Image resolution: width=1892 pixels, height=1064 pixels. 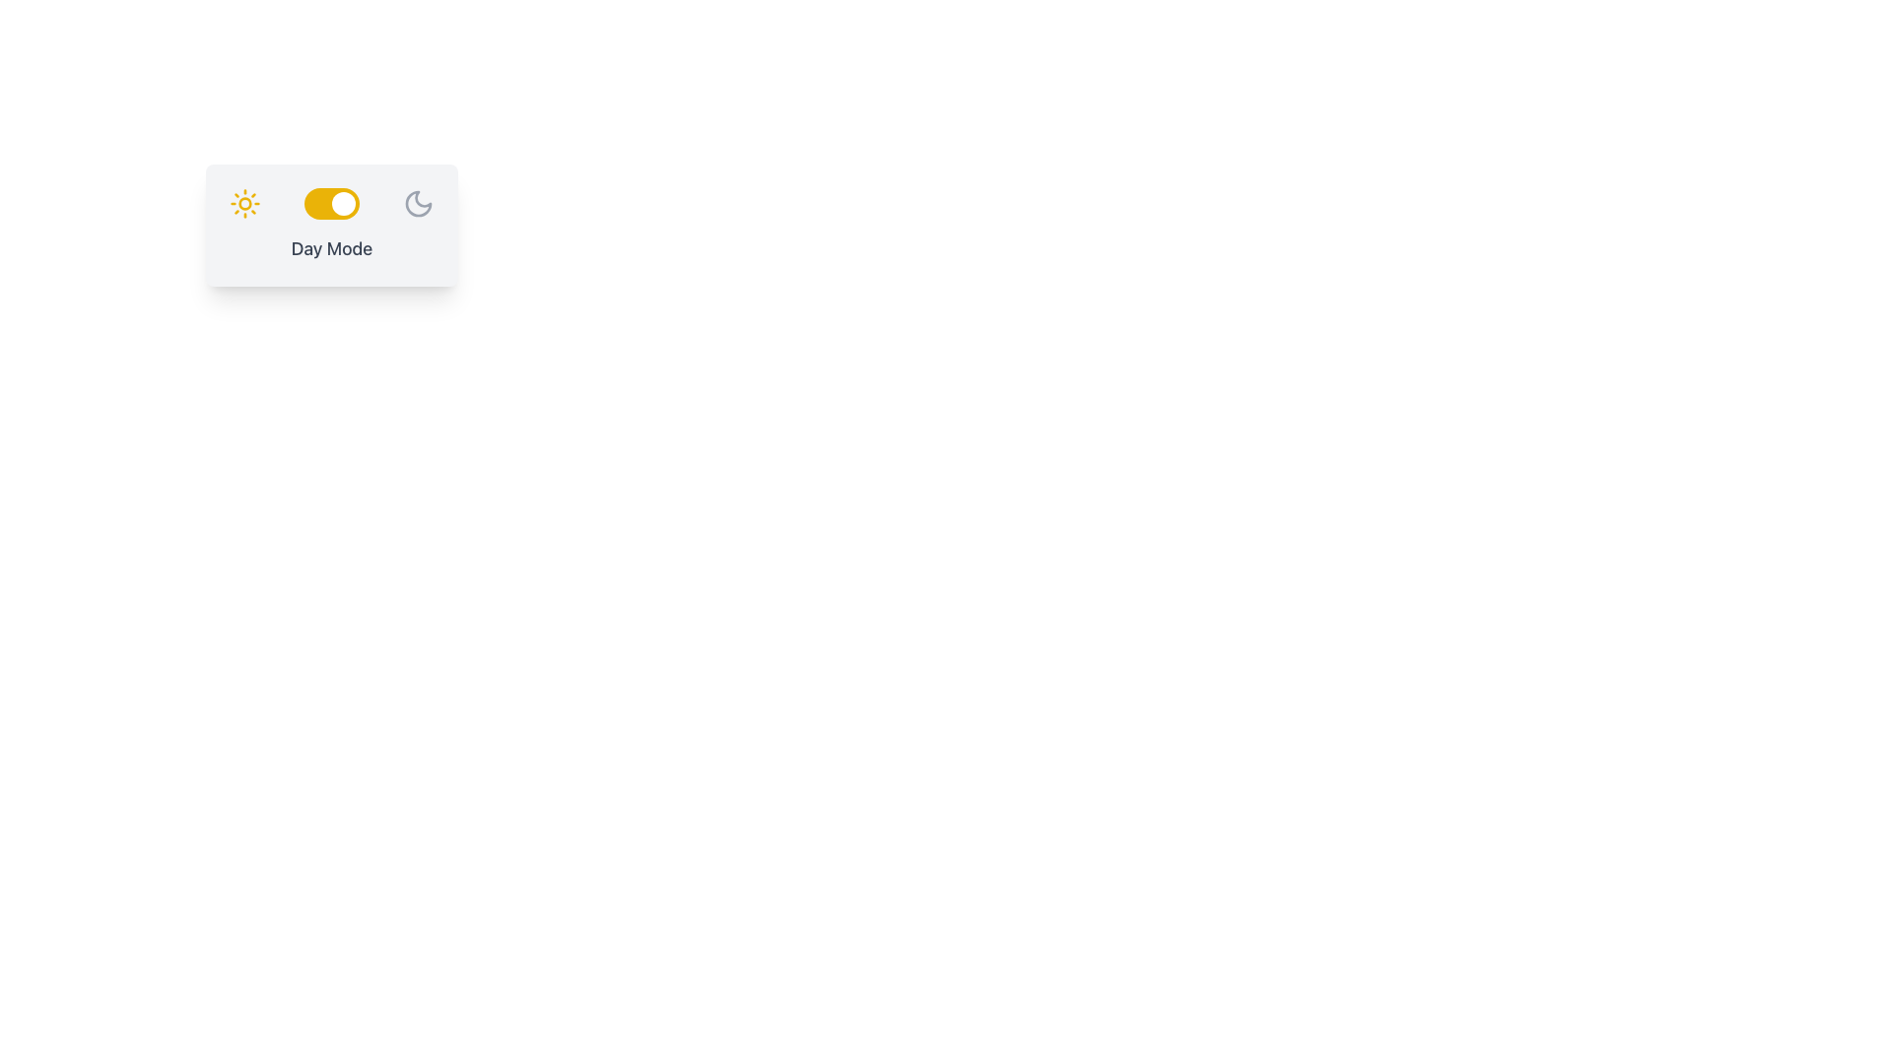 What do you see at coordinates (344, 204) in the screenshot?
I see `the small circular toggle thumb of the switch component` at bounding box center [344, 204].